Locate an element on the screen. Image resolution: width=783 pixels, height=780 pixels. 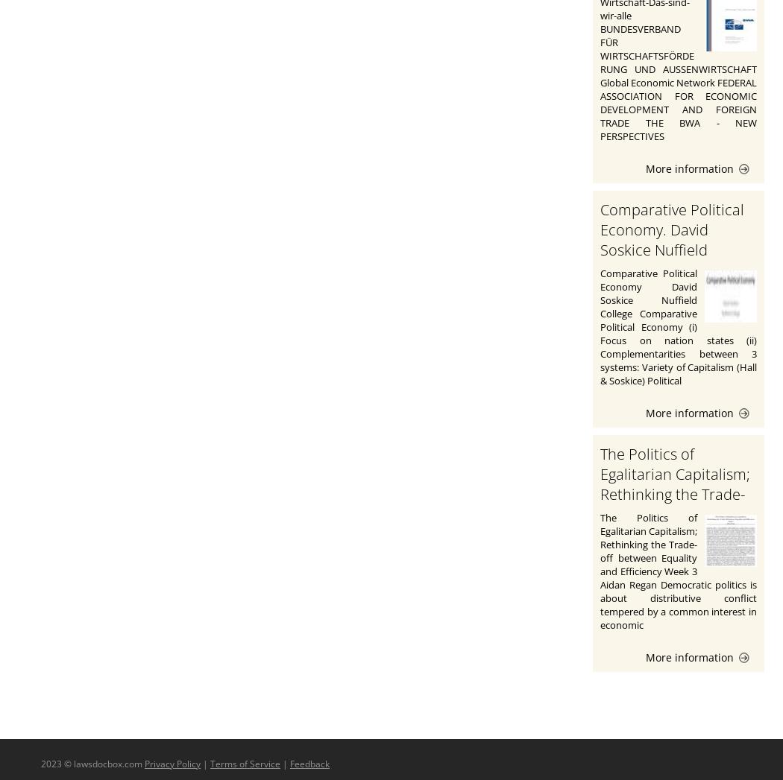
'Terms of Service' is located at coordinates (245, 763).